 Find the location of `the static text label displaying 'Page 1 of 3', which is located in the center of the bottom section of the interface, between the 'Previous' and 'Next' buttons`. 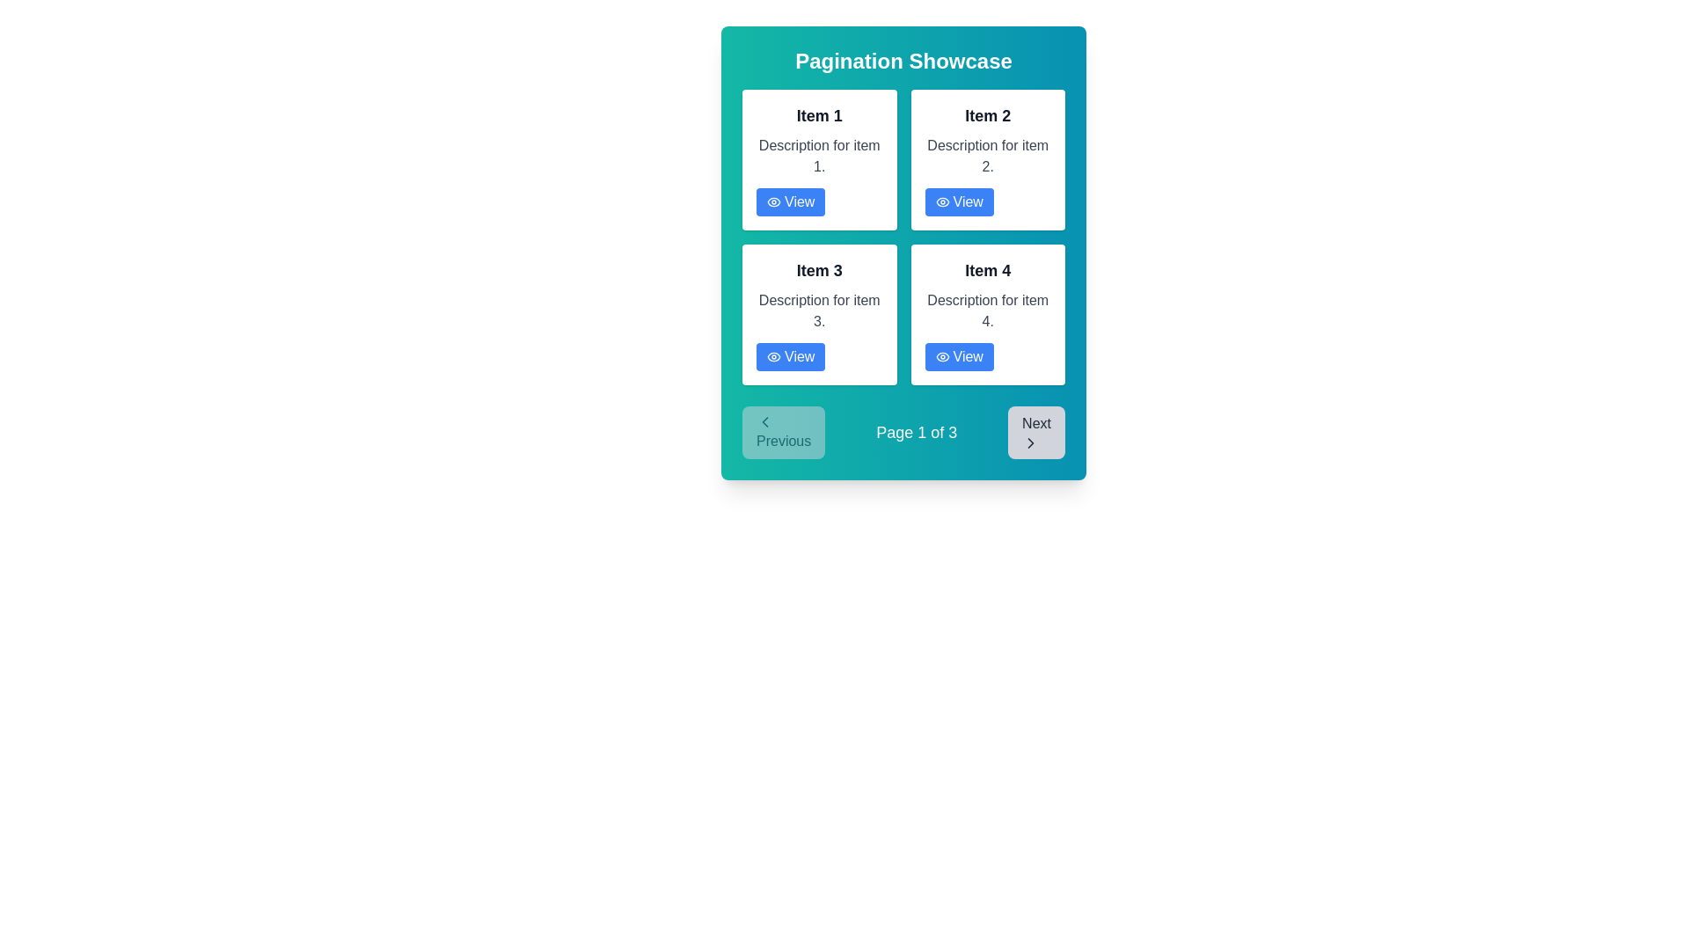

the static text label displaying 'Page 1 of 3', which is located in the center of the bottom section of the interface, between the 'Previous' and 'Next' buttons is located at coordinates (916, 433).